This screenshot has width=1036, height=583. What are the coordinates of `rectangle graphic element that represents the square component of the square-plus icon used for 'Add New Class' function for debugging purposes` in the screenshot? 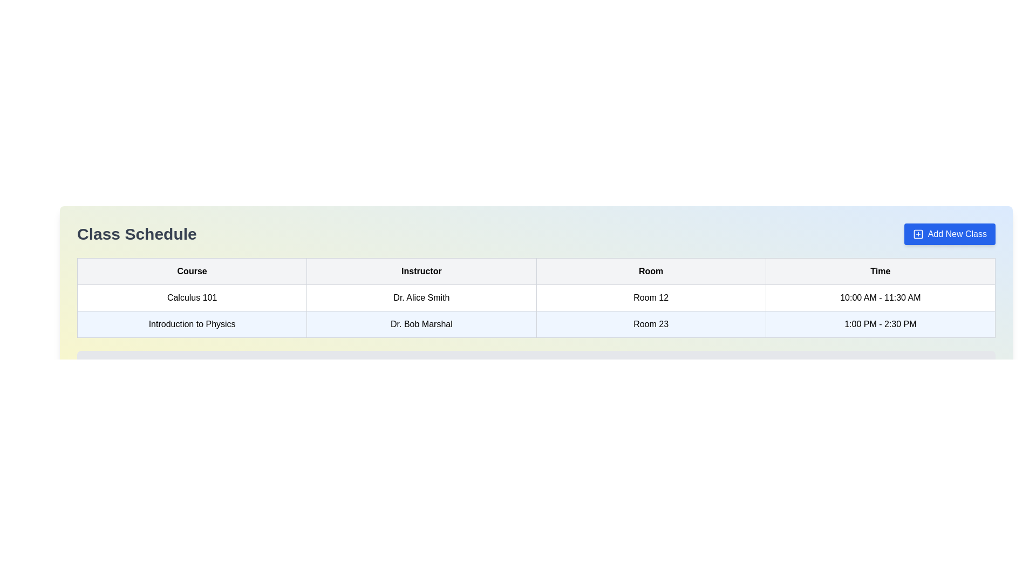 It's located at (917, 234).